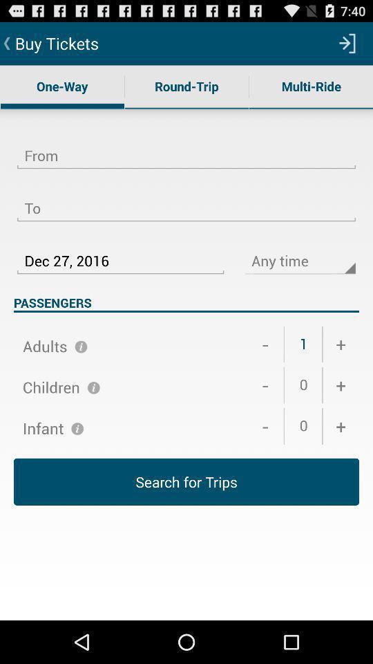  Describe the element at coordinates (186, 199) in the screenshot. I see `destination` at that location.